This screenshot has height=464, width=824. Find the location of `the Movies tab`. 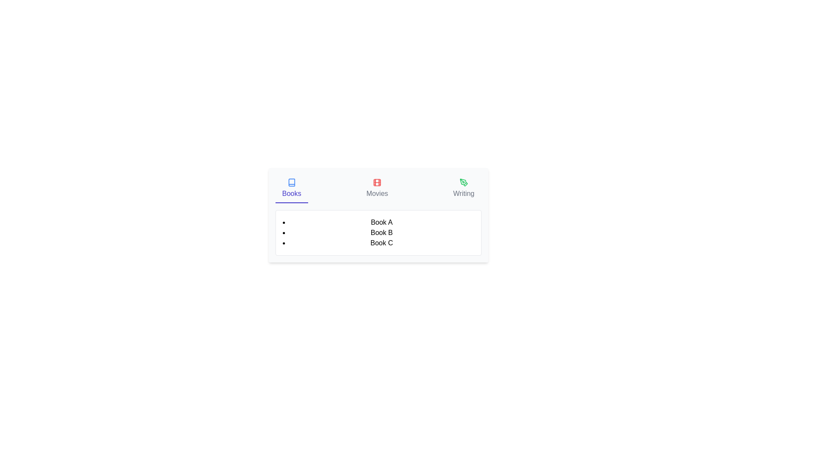

the Movies tab is located at coordinates (377, 188).